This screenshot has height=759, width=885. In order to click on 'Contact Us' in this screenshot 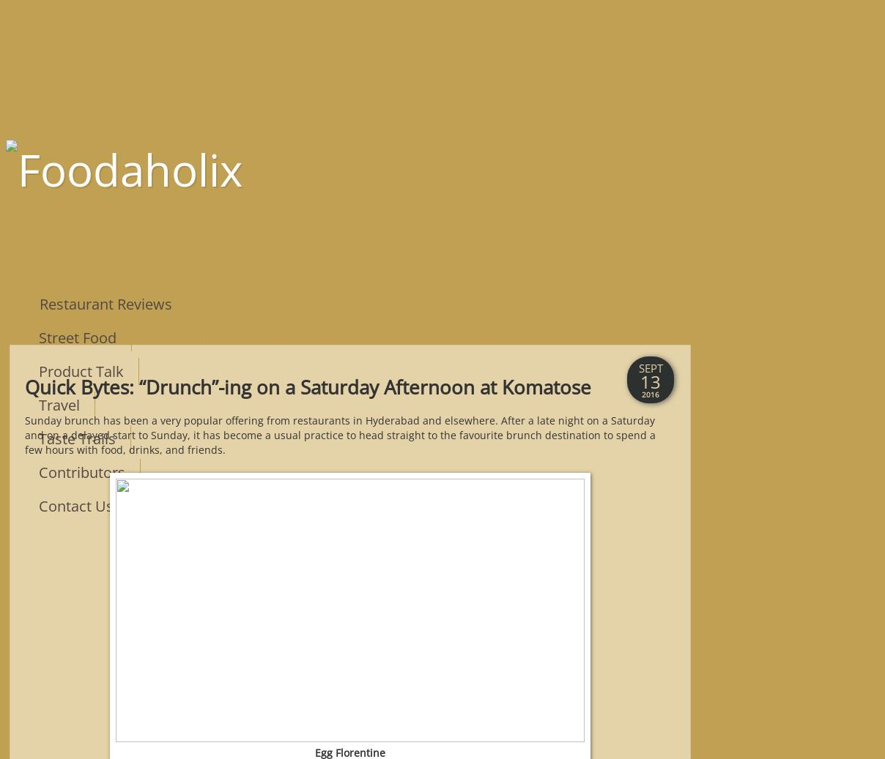, I will do `click(75, 505)`.